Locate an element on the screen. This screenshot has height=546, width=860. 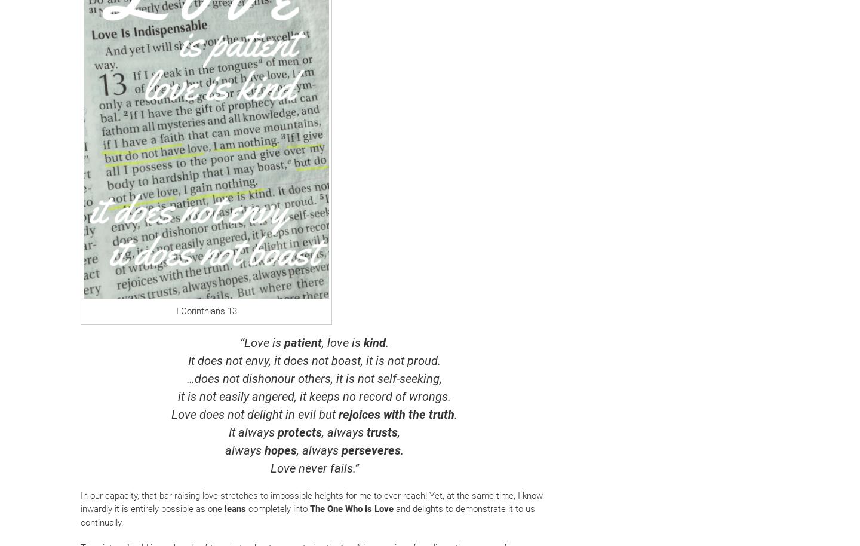
'Love never fails.”' is located at coordinates (270, 467).